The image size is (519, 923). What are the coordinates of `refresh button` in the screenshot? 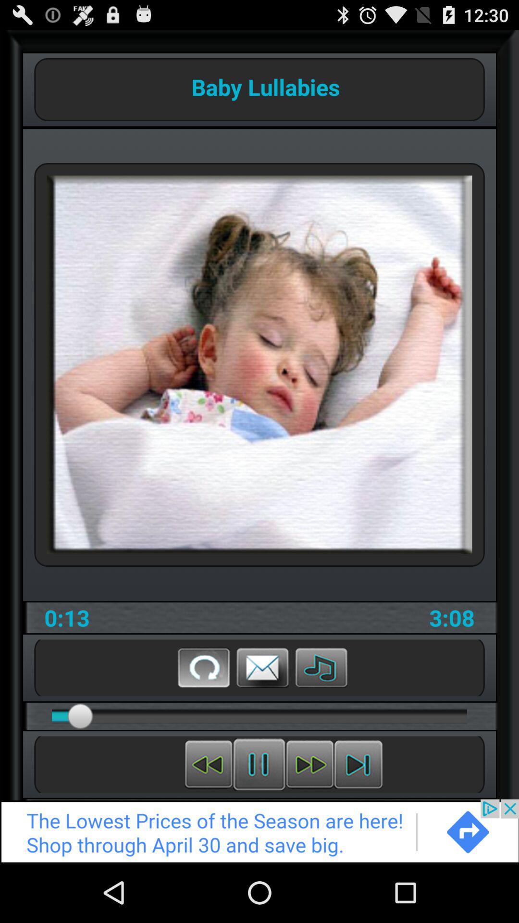 It's located at (203, 667).